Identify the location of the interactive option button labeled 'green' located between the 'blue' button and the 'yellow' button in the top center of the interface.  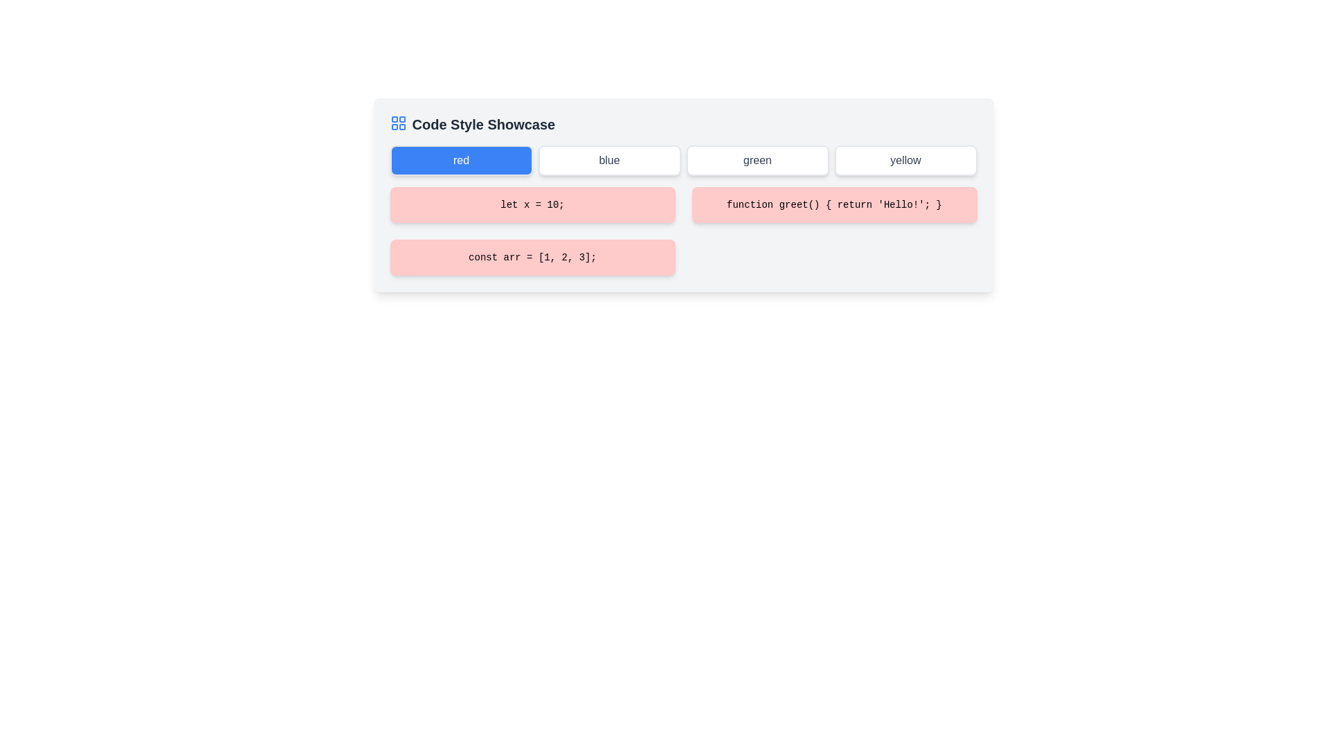
(757, 159).